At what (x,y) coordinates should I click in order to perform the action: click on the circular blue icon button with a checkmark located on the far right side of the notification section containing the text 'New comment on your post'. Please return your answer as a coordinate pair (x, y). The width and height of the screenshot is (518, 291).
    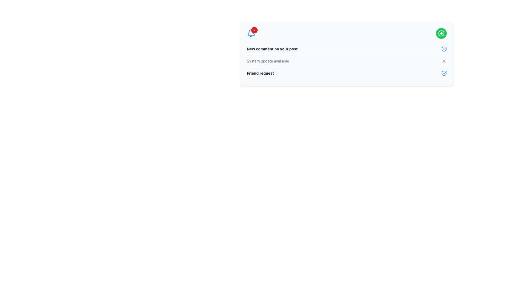
    Looking at the image, I should click on (444, 49).